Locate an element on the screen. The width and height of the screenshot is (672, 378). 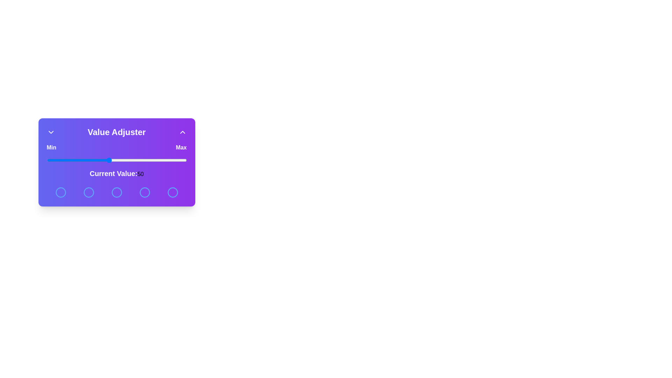
the circular button corresponding to 3 is located at coordinates (117, 192).